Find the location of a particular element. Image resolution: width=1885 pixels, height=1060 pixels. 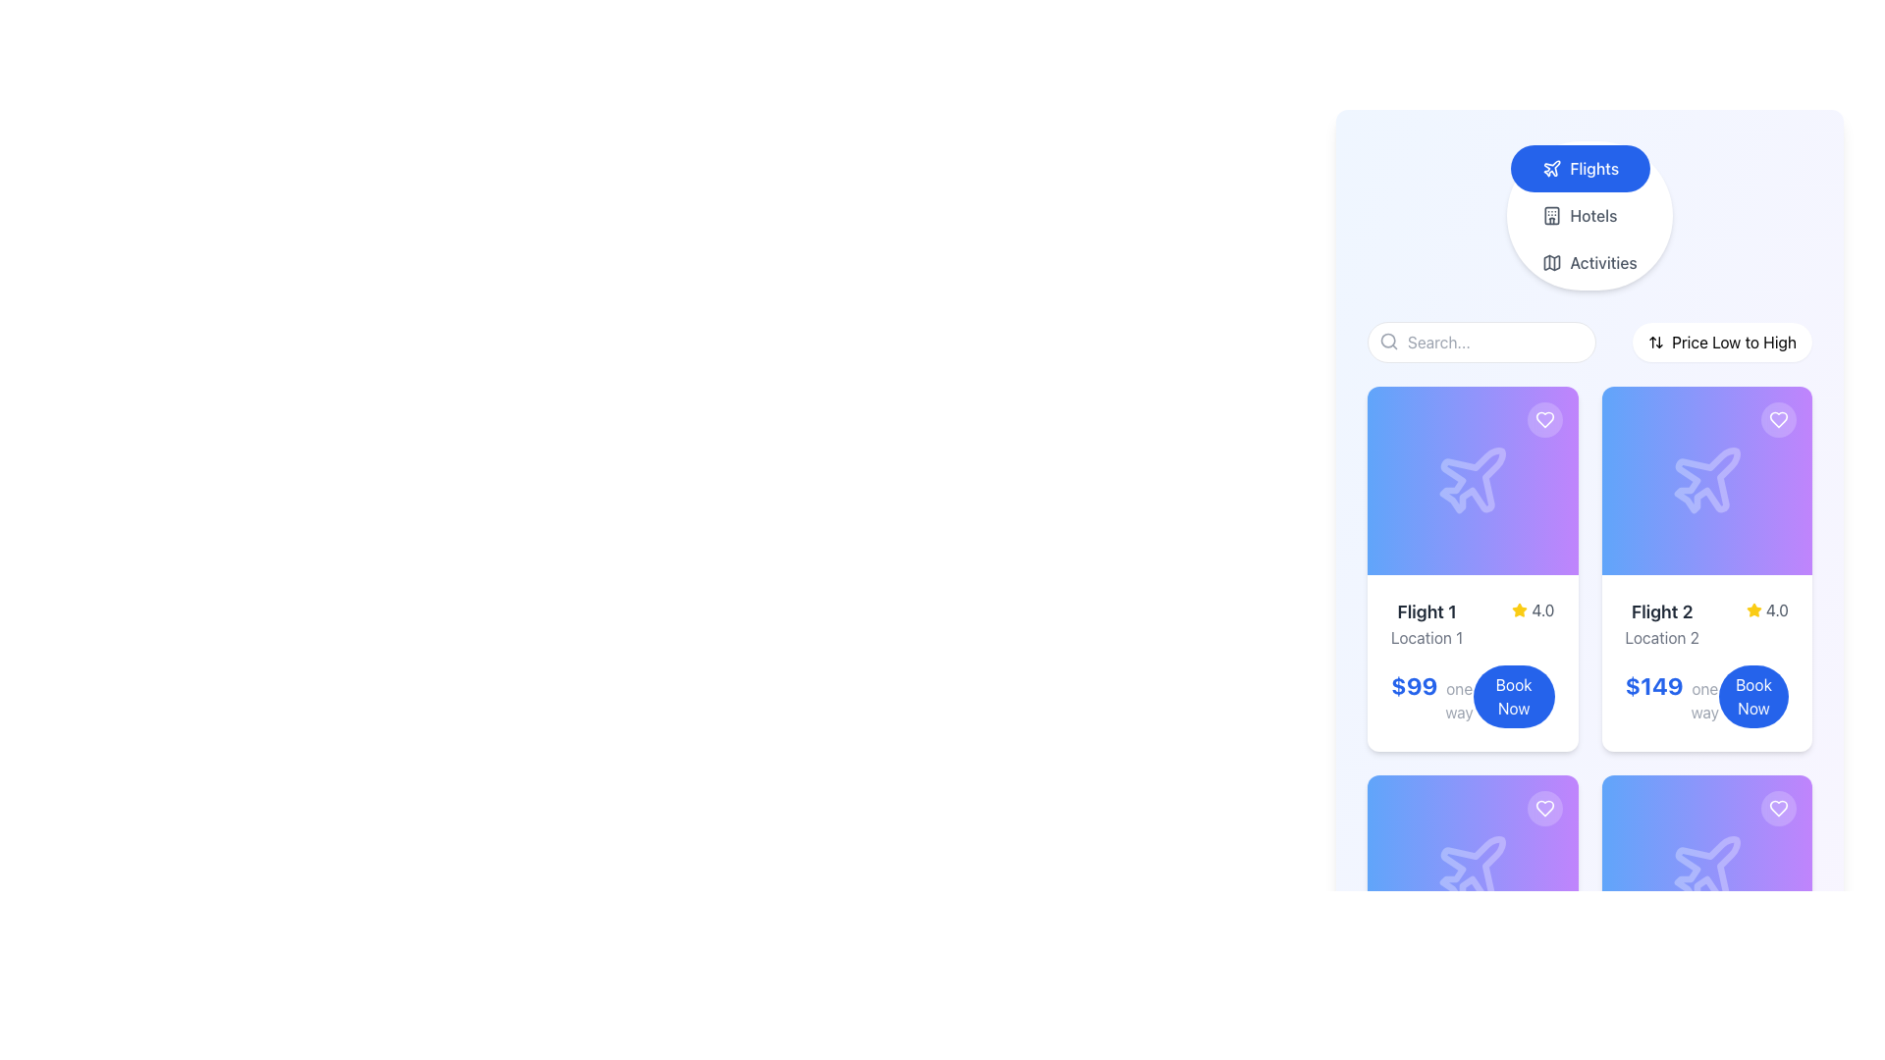

the 'Hotels' icon, which is the second visible component in the horizontal menu, located between the 'Flights' label and the 'Activities' label is located at coordinates (1551, 215).